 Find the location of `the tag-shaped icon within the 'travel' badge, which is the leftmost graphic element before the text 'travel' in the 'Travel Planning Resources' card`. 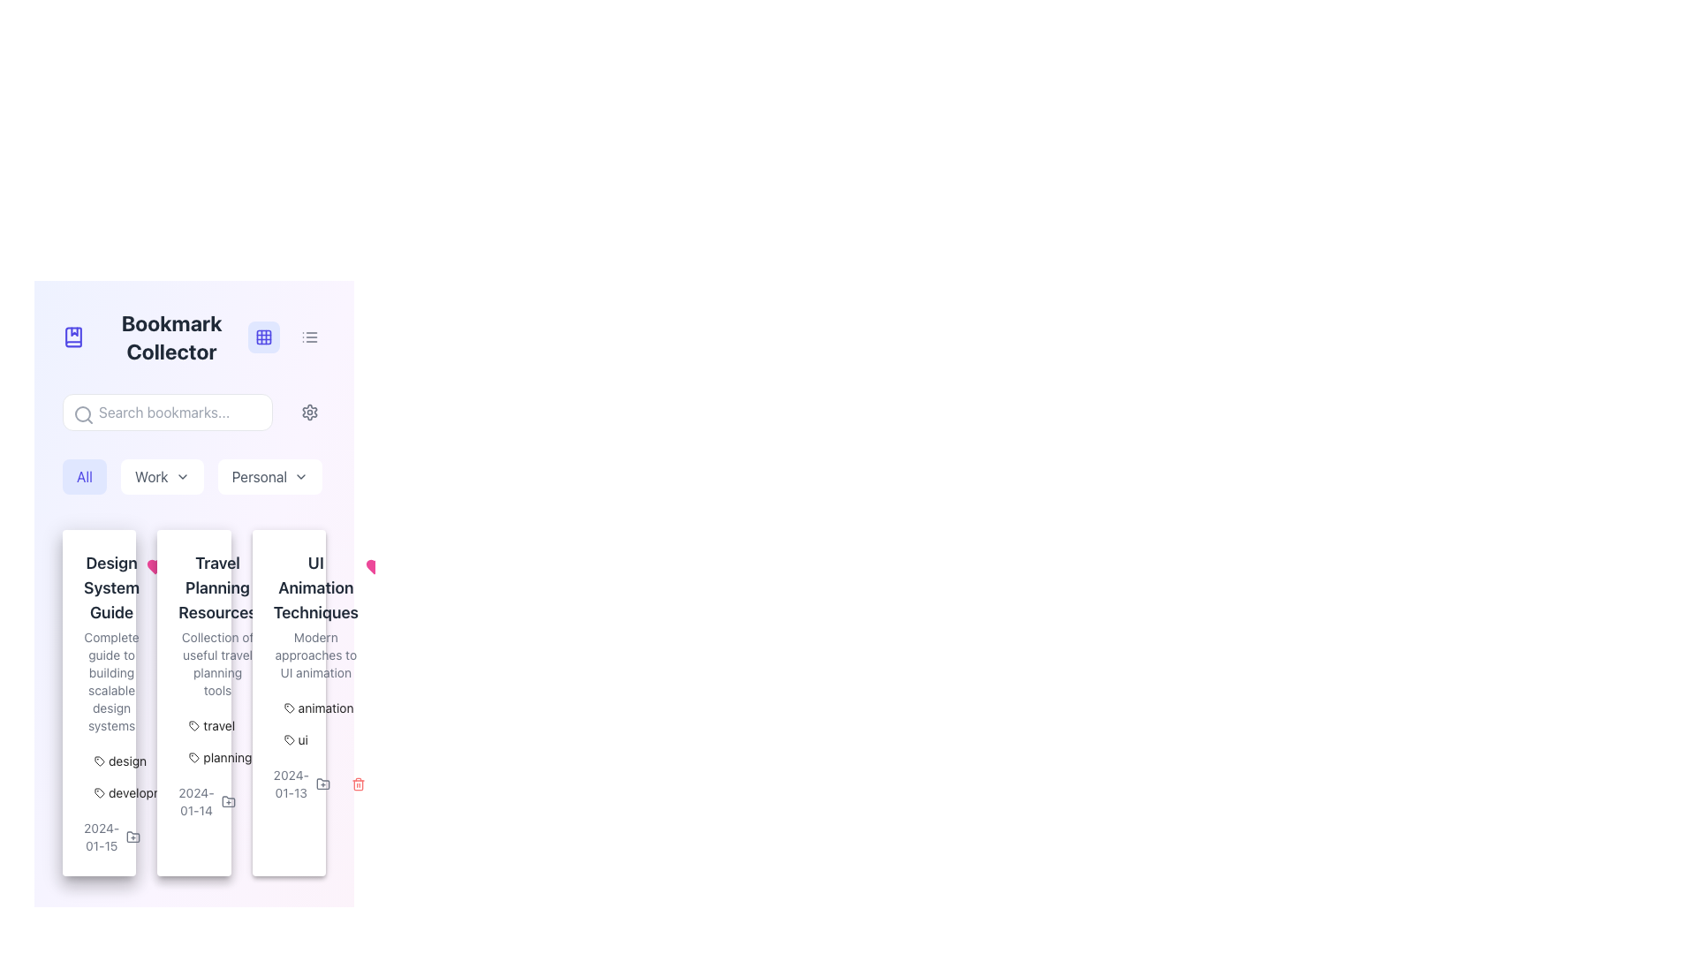

the tag-shaped icon within the 'travel' badge, which is the leftmost graphic element before the text 'travel' in the 'Travel Planning Resources' card is located at coordinates (194, 725).